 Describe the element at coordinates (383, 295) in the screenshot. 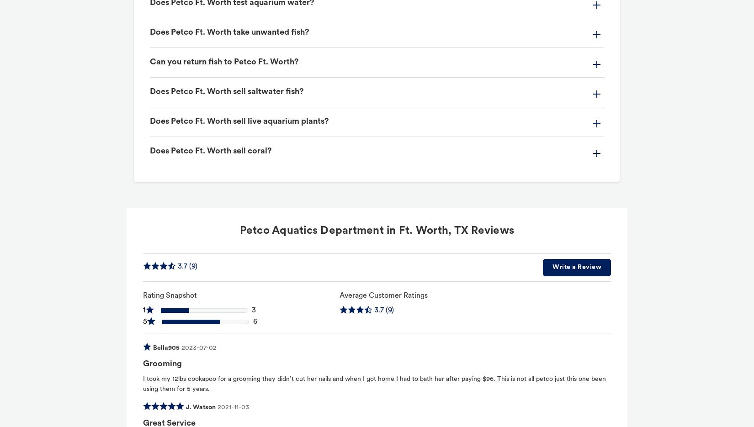

I see `'Average Customer Ratings'` at that location.